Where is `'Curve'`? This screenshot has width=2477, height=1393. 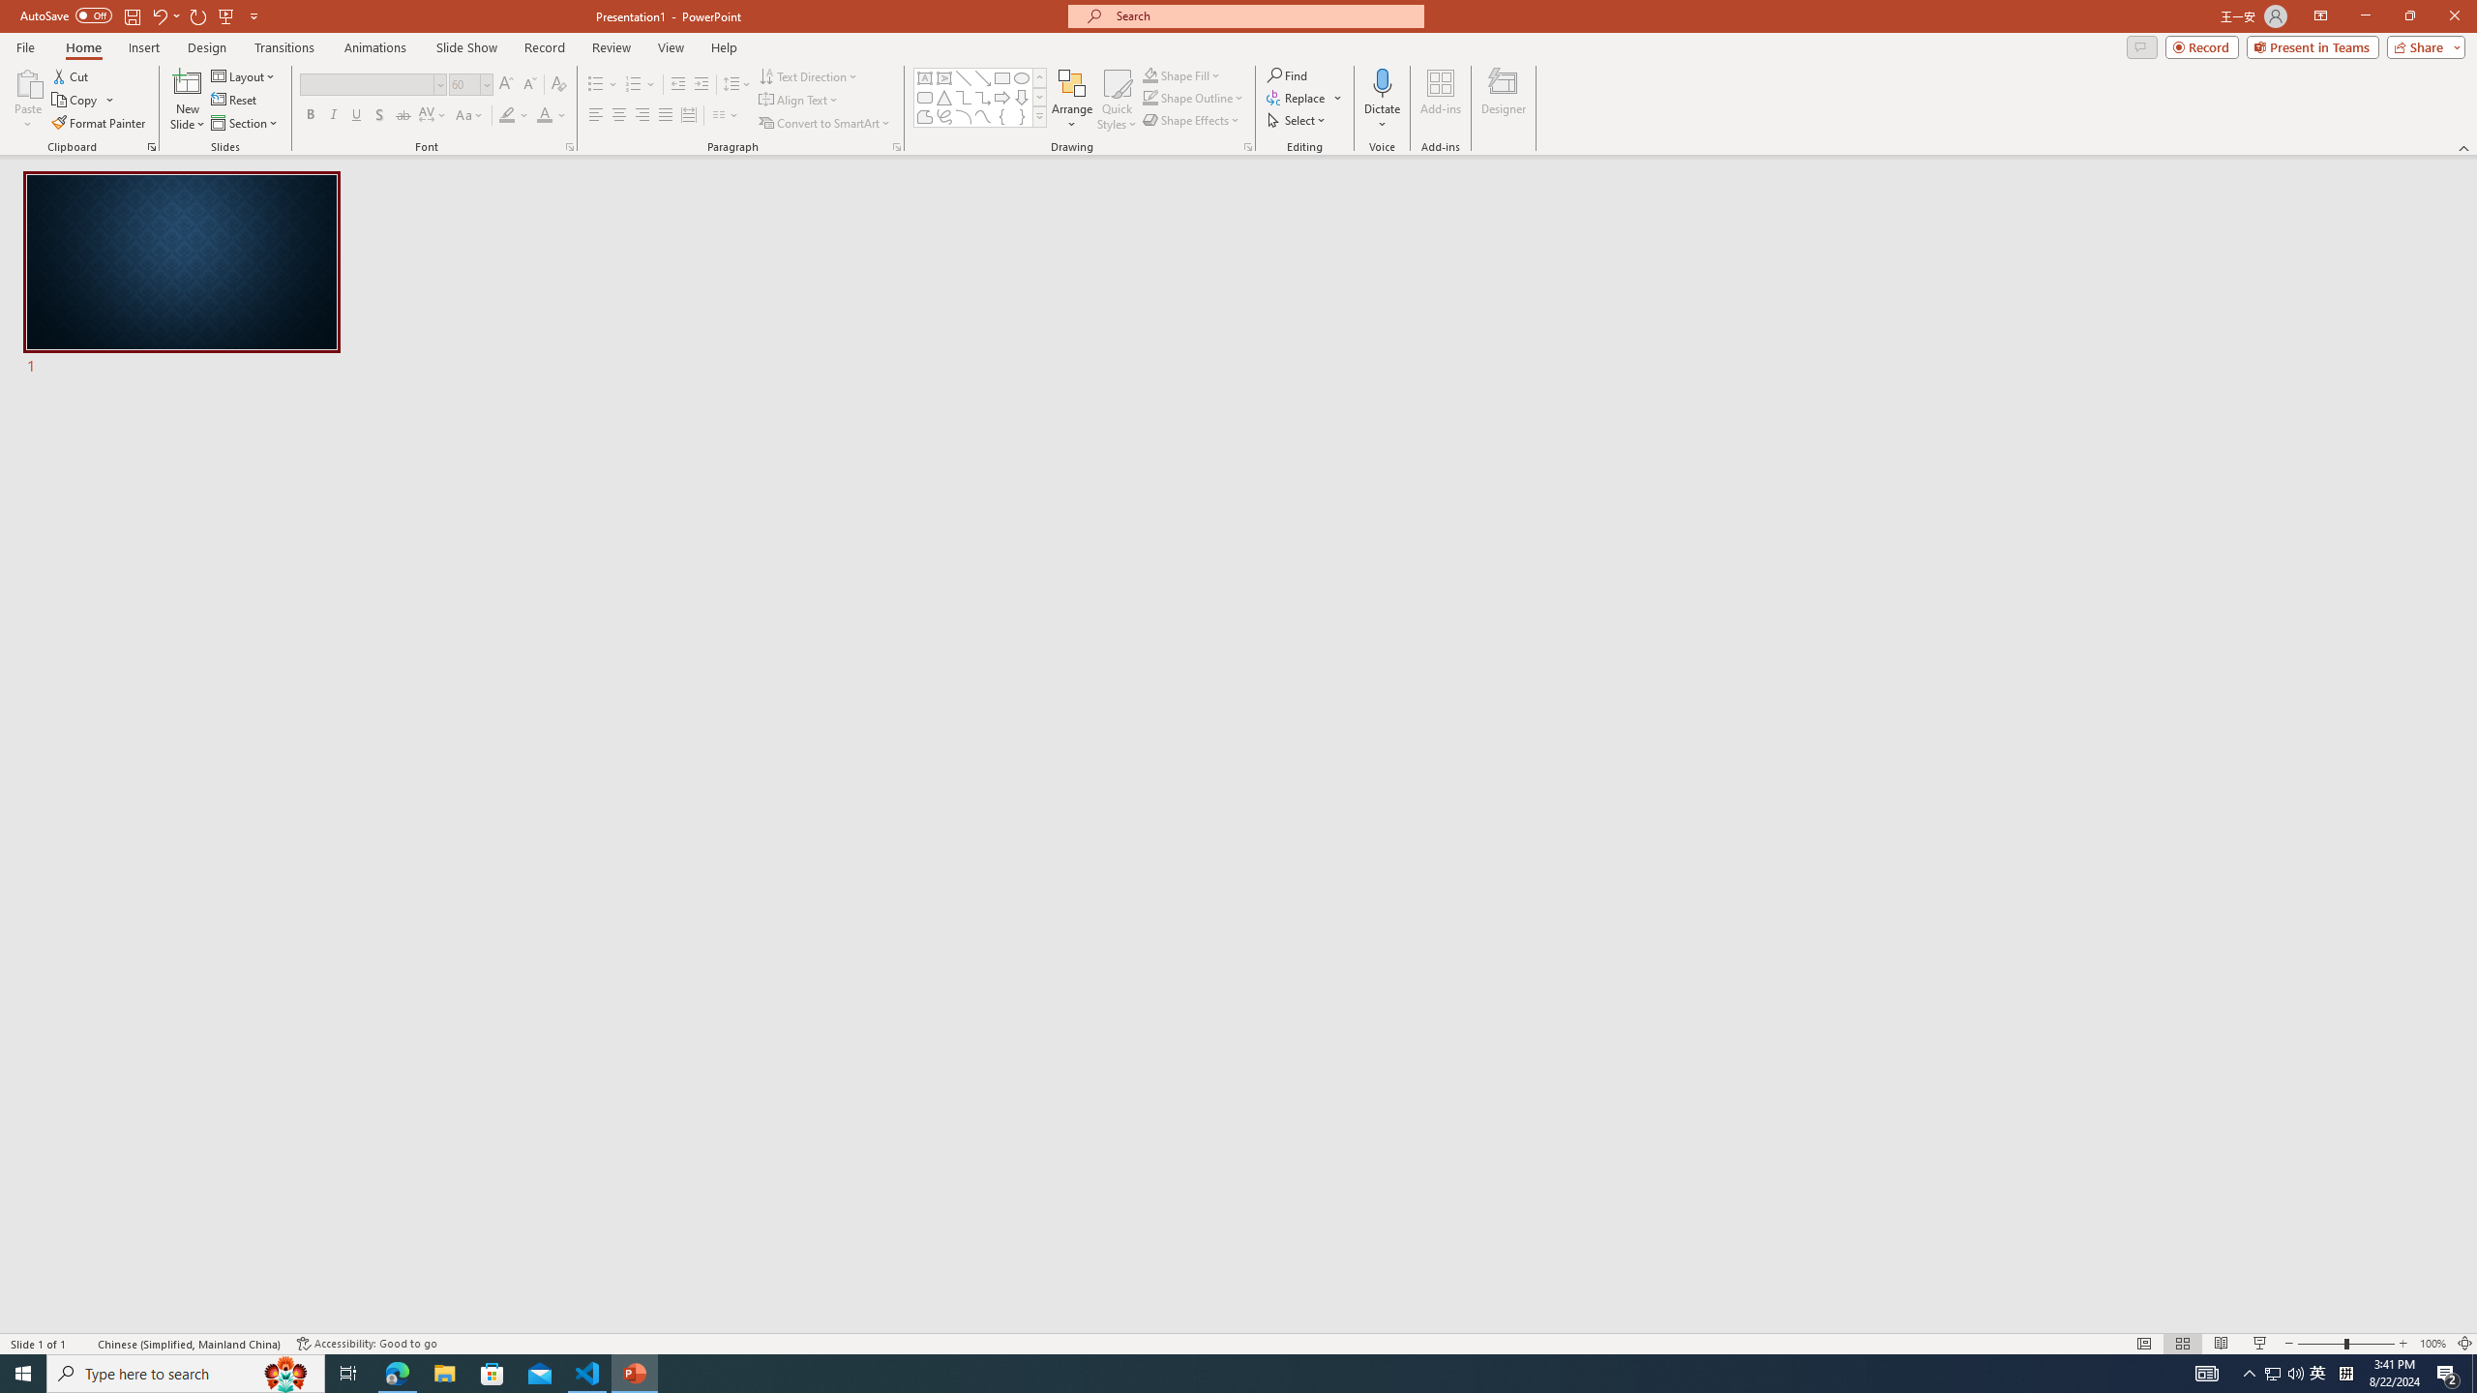
'Curve' is located at coordinates (982, 115).